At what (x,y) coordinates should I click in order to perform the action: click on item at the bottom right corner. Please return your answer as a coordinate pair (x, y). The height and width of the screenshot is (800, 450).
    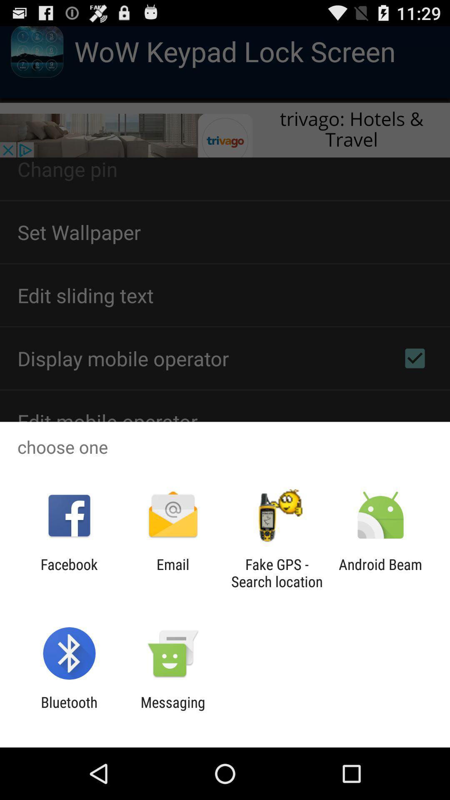
    Looking at the image, I should click on (380, 572).